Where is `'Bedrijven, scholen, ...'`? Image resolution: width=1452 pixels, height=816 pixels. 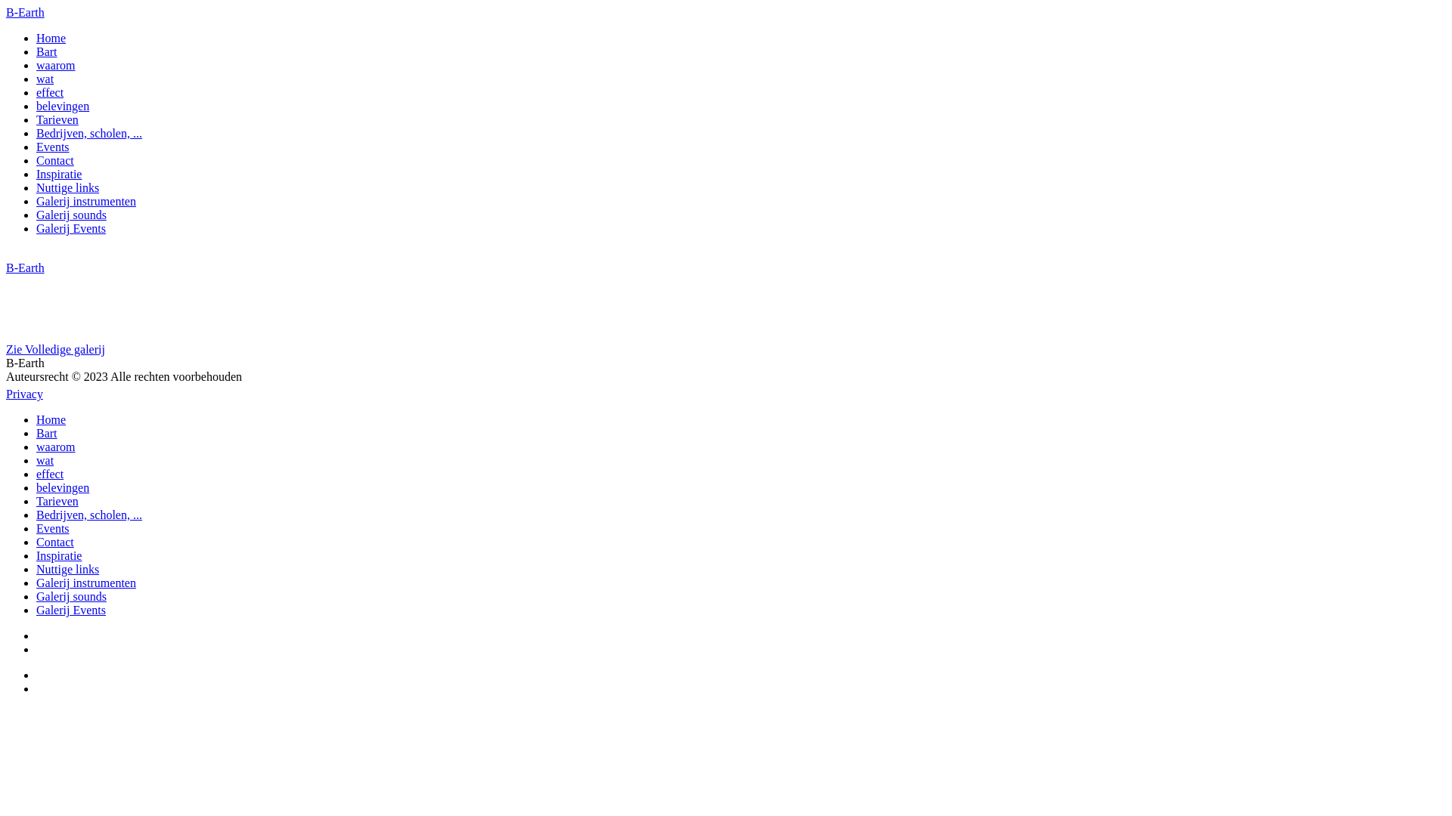 'Bedrijven, scholen, ...' is located at coordinates (88, 132).